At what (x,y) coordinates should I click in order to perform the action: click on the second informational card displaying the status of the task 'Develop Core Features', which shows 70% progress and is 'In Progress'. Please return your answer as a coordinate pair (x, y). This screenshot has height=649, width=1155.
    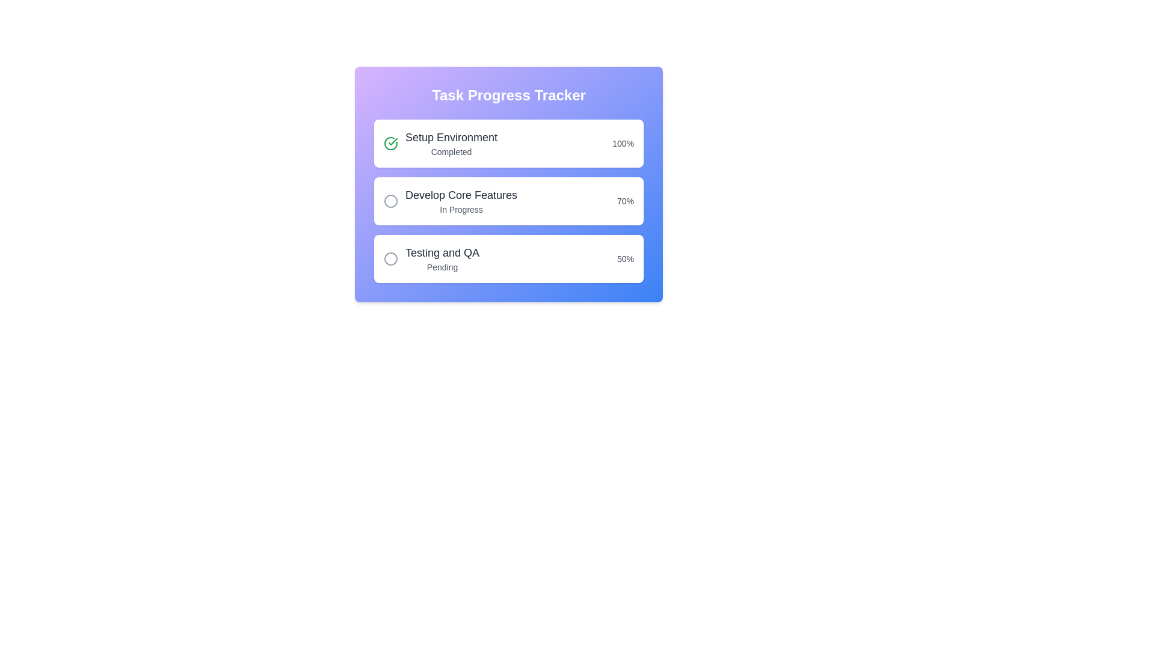
    Looking at the image, I should click on (508, 201).